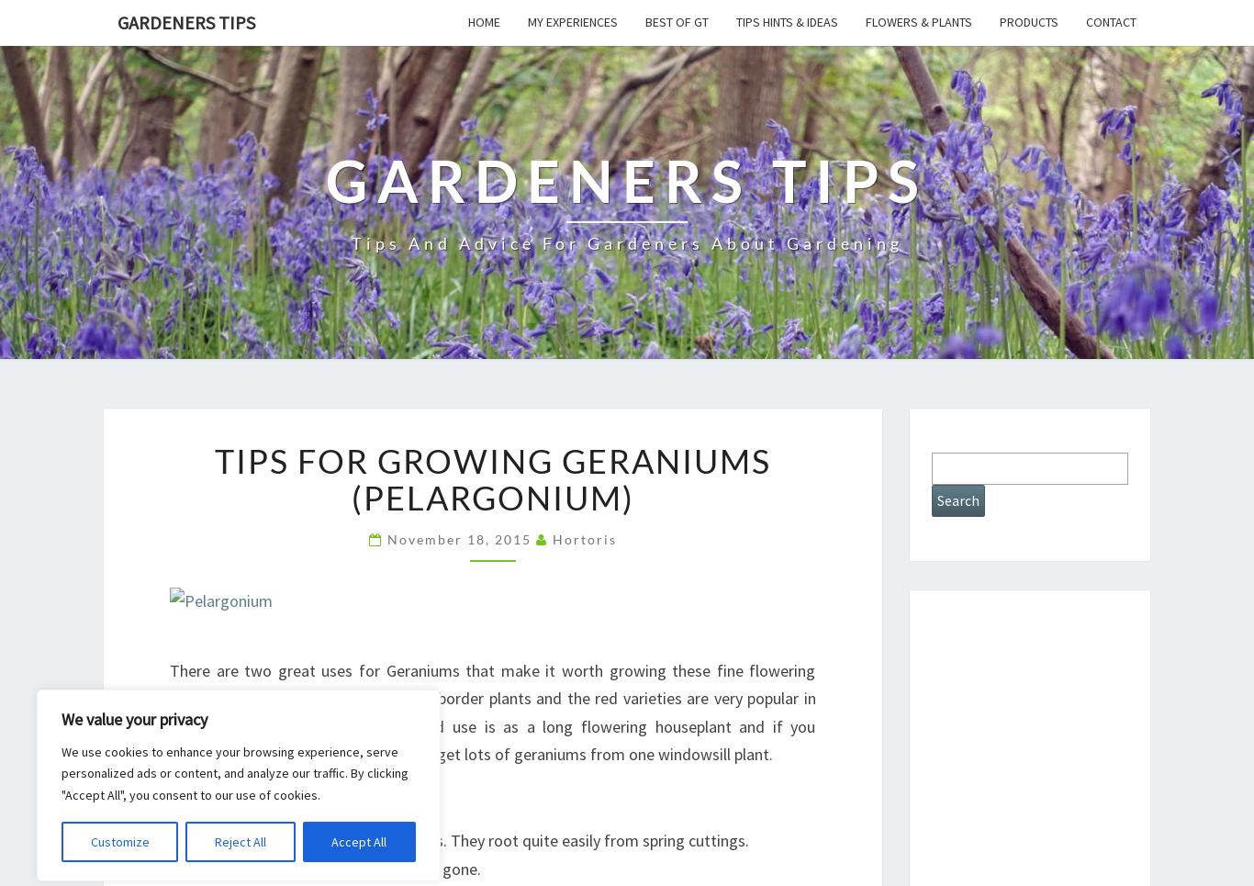  What do you see at coordinates (468, 21) in the screenshot?
I see `'Home'` at bounding box center [468, 21].